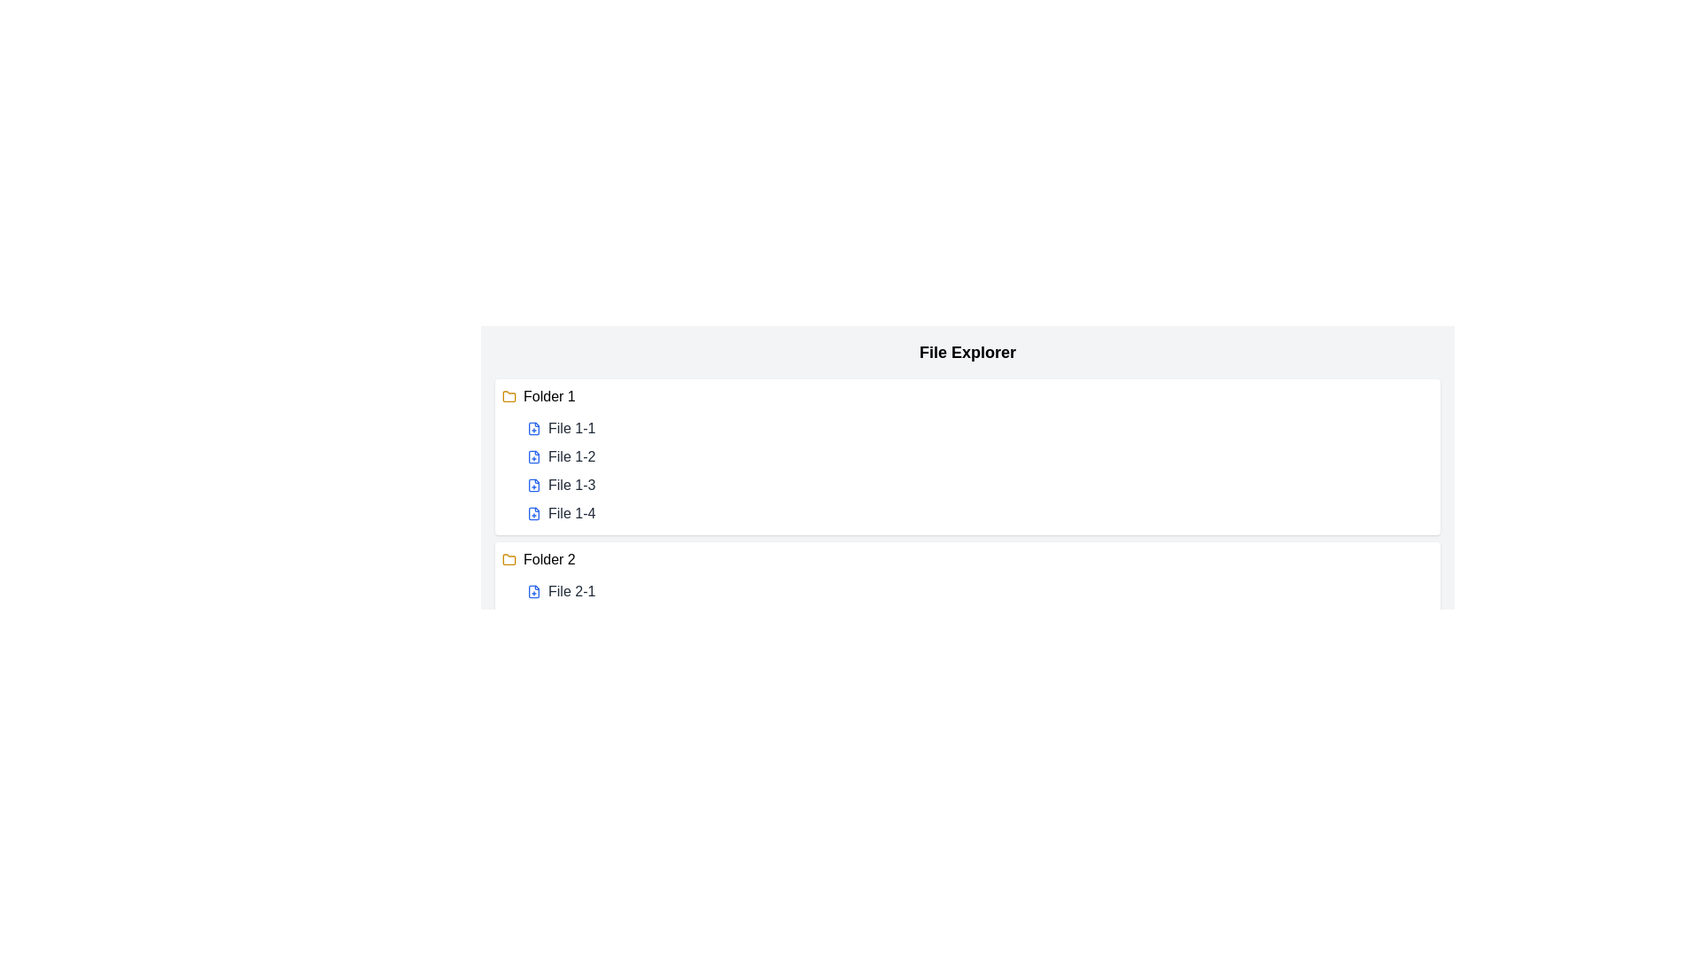 The width and height of the screenshot is (1701, 957). I want to click on the text label representing the file named 'File 2-1', so click(571, 591).